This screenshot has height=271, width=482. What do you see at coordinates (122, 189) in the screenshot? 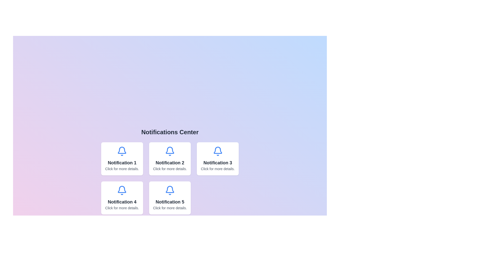
I see `the main blue bell icon located in the bottom-left section of the grid, which symbolizes notifications and is associated with the card displaying 'Notification 4.'` at bounding box center [122, 189].